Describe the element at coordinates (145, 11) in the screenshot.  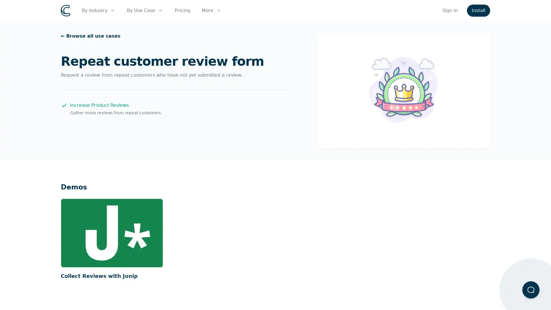
I see `By Use Case` at that location.